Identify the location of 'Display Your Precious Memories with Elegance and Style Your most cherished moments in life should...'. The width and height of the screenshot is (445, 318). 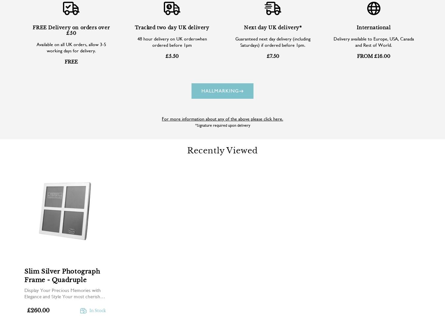
(65, 296).